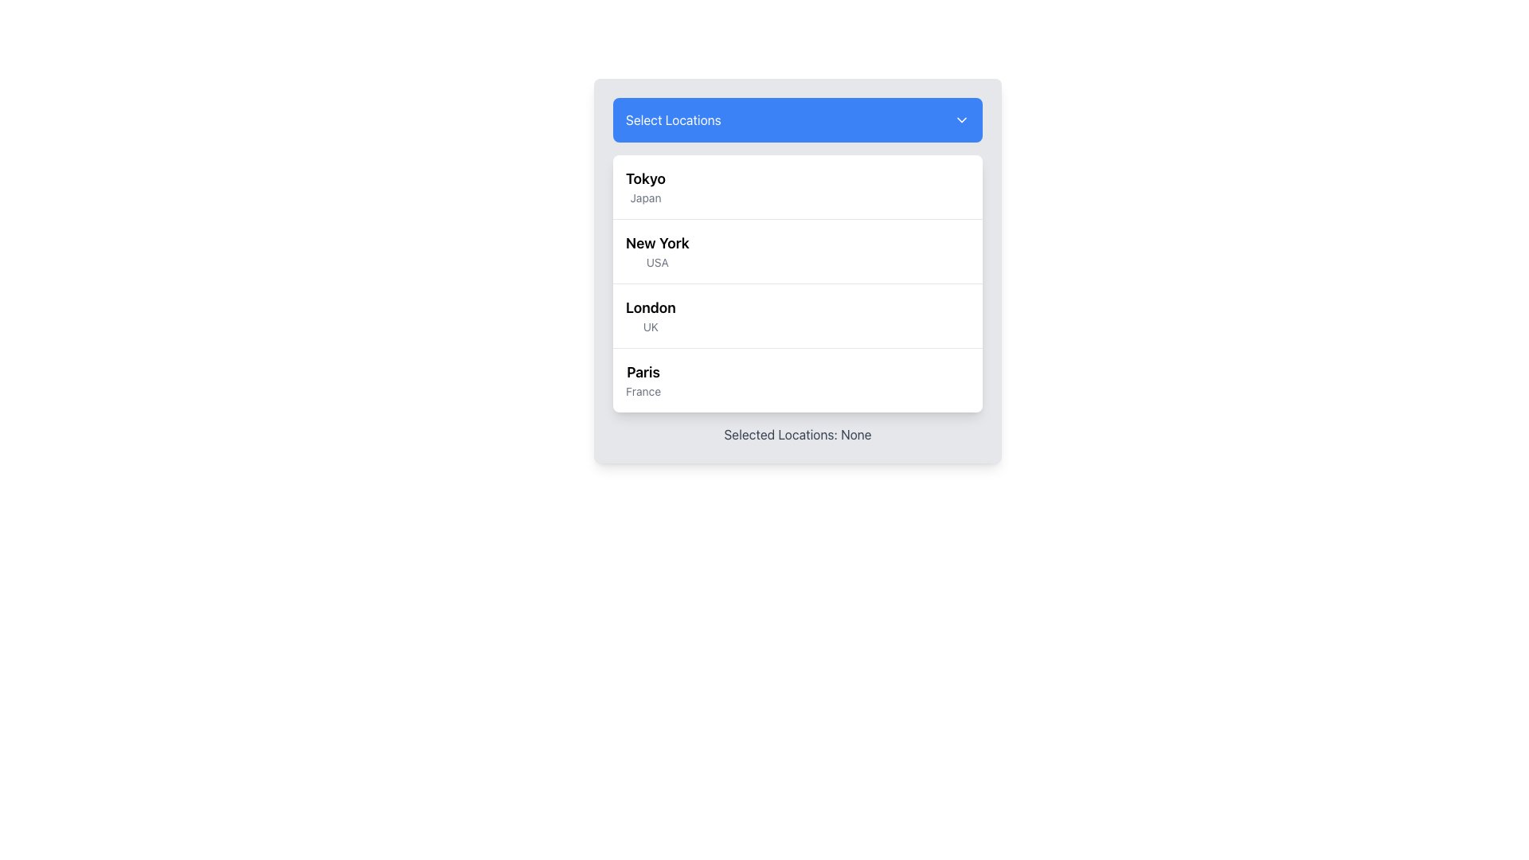  I want to click on the first selectable item in the dropdown menu, so click(798, 186).